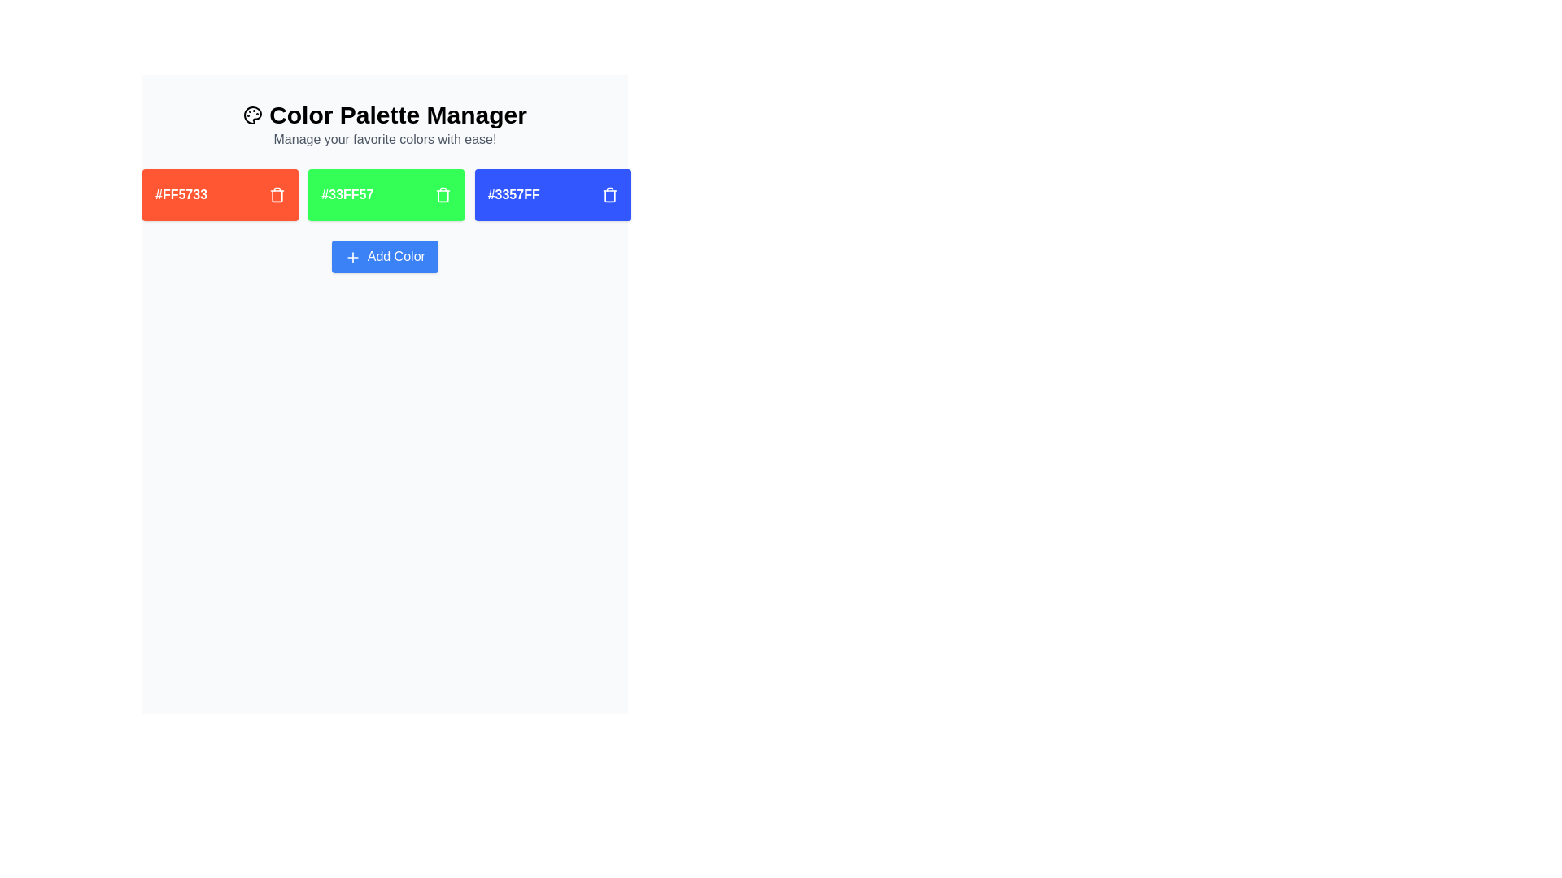  What do you see at coordinates (384, 193) in the screenshot?
I see `the color card in the color palette manager, which is located between the red card labeled '#FF5733' and the blue card labeled '#3357FF'` at bounding box center [384, 193].